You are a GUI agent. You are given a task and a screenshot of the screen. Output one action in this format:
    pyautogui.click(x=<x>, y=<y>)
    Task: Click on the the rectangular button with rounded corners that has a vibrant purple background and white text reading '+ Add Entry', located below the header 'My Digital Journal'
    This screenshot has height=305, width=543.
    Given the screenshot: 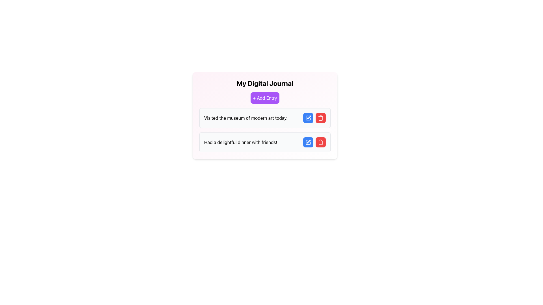 What is the action you would take?
    pyautogui.click(x=264, y=98)
    